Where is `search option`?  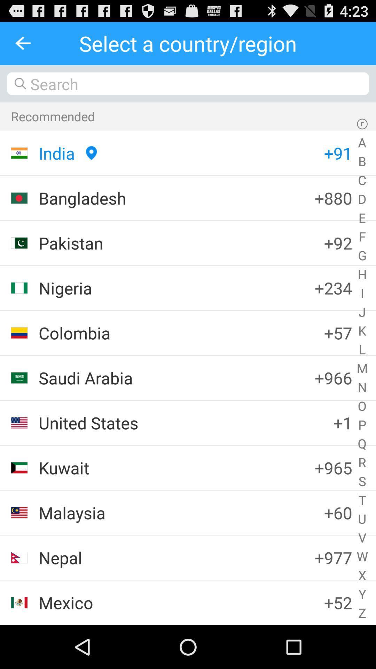
search option is located at coordinates (188, 84).